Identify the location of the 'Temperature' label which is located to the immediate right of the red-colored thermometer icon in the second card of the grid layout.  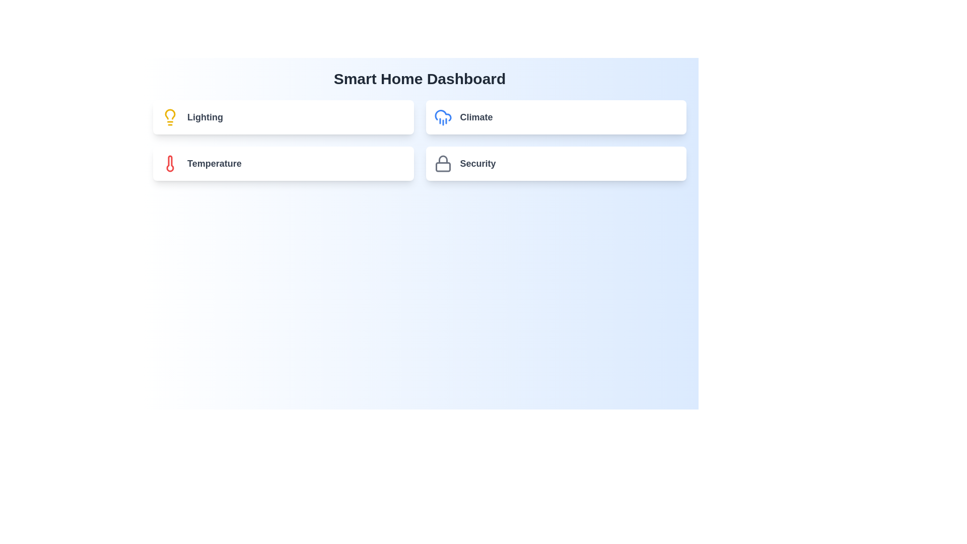
(214, 163).